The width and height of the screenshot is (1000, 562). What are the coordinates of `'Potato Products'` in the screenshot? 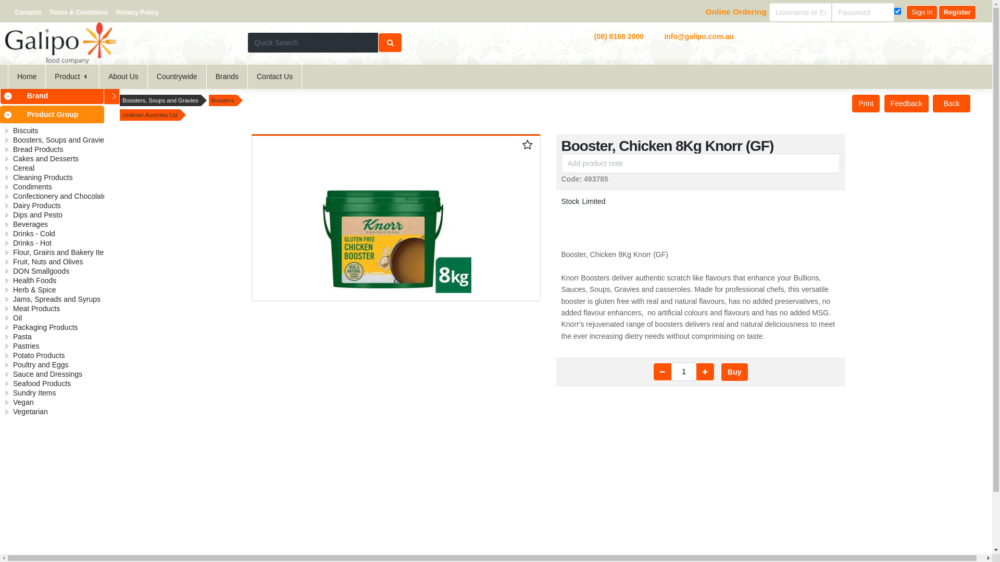 It's located at (39, 354).